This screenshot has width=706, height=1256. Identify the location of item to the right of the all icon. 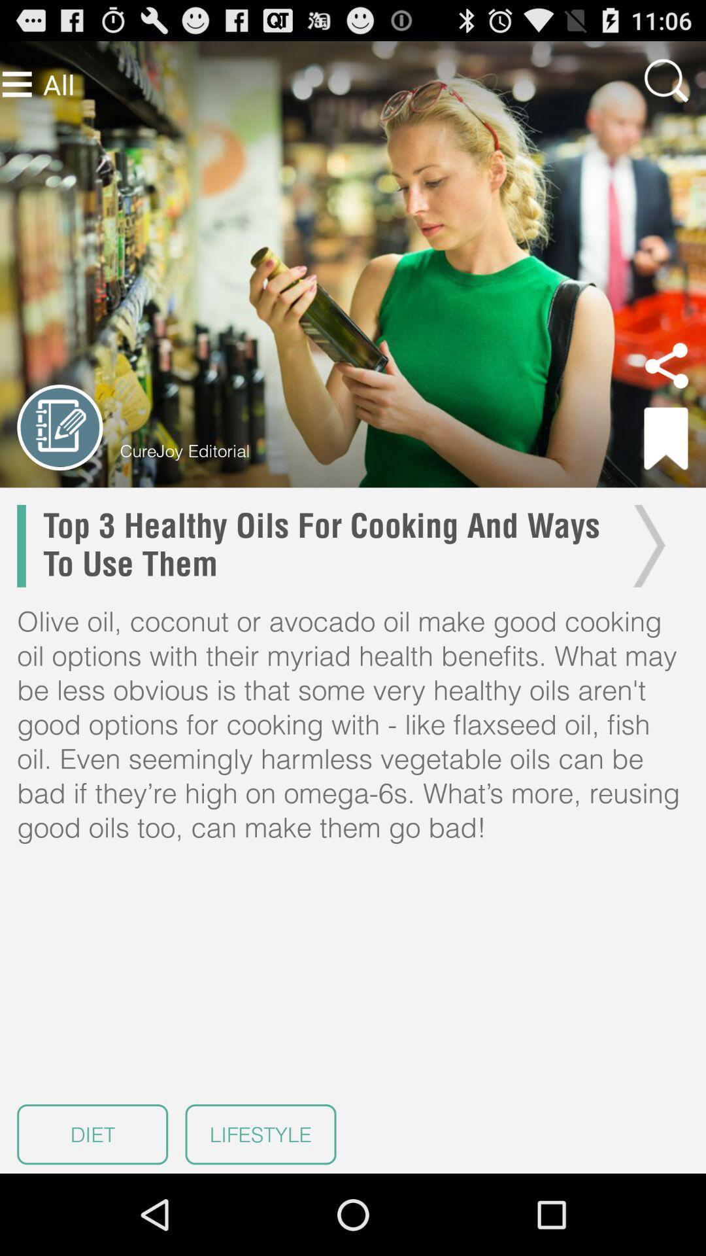
(666, 80).